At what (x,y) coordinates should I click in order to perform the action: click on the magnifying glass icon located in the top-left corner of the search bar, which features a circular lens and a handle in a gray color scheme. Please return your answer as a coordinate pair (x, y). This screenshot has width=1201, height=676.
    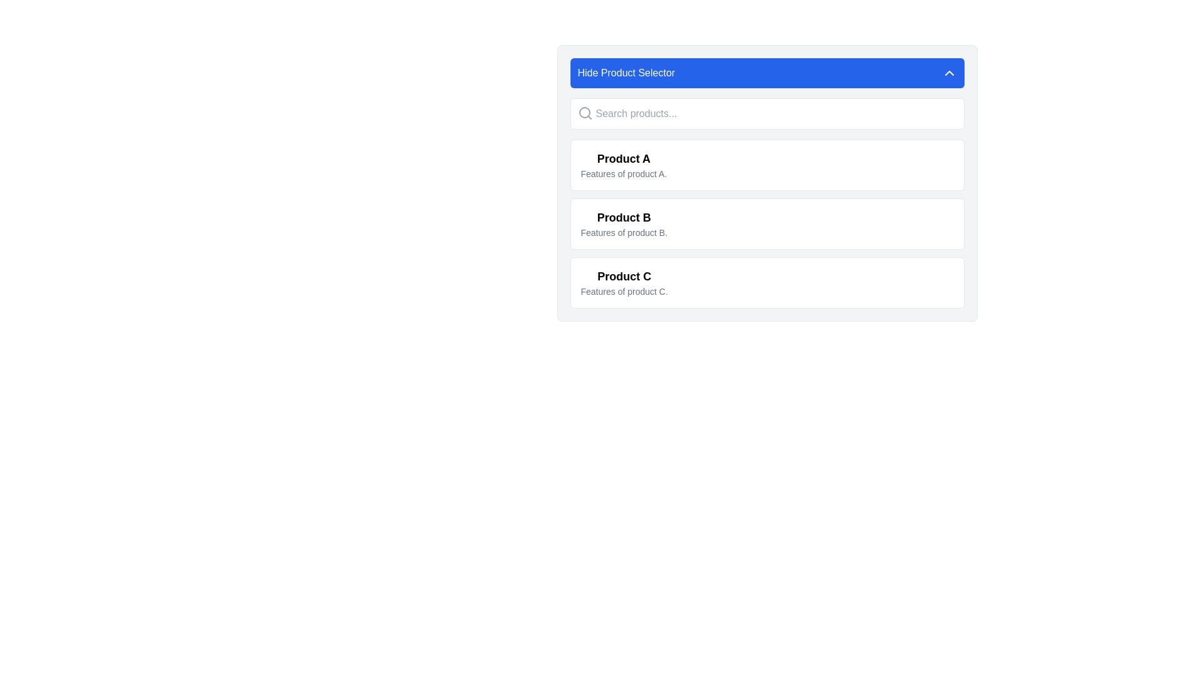
    Looking at the image, I should click on (584, 113).